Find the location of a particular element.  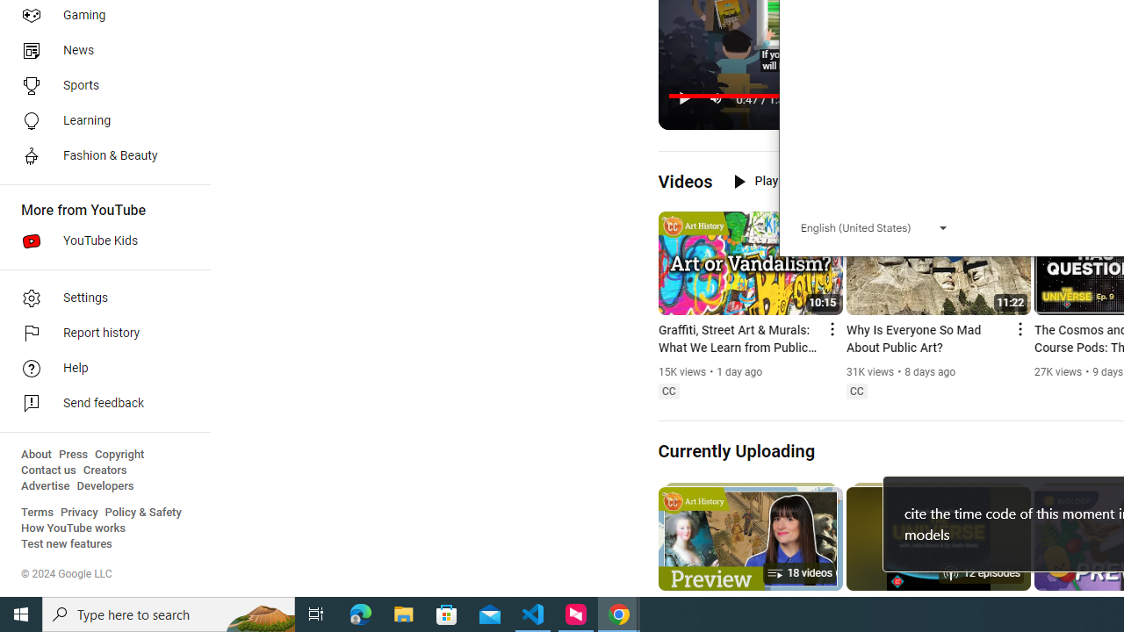

'Learning' is located at coordinates (98, 119).